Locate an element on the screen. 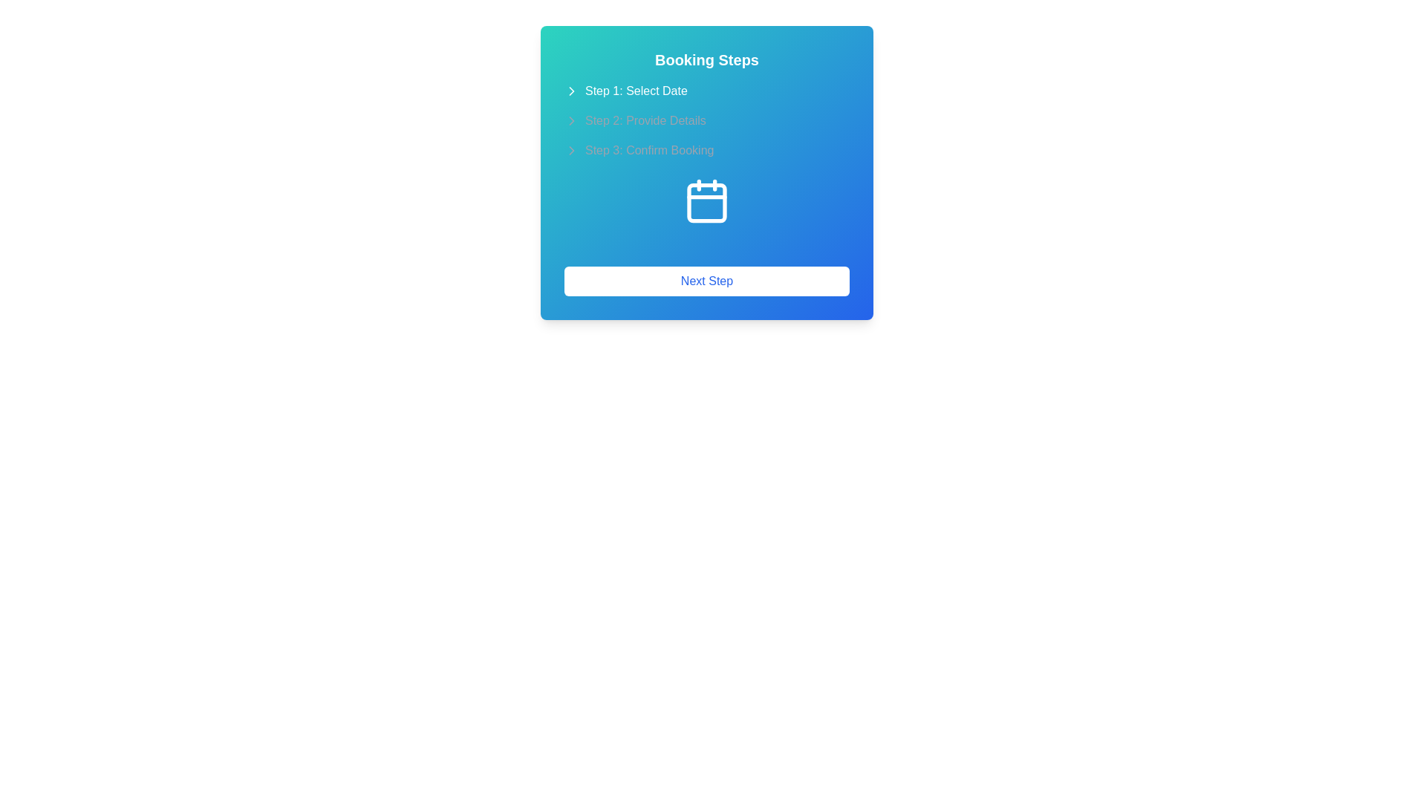  the navigation button located at the bottom center of the blue gradient box is located at coordinates (706, 281).